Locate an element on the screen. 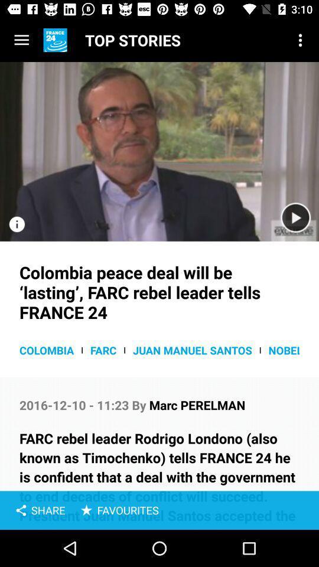 Image resolution: width=319 pixels, height=567 pixels. option is located at coordinates (295, 217).